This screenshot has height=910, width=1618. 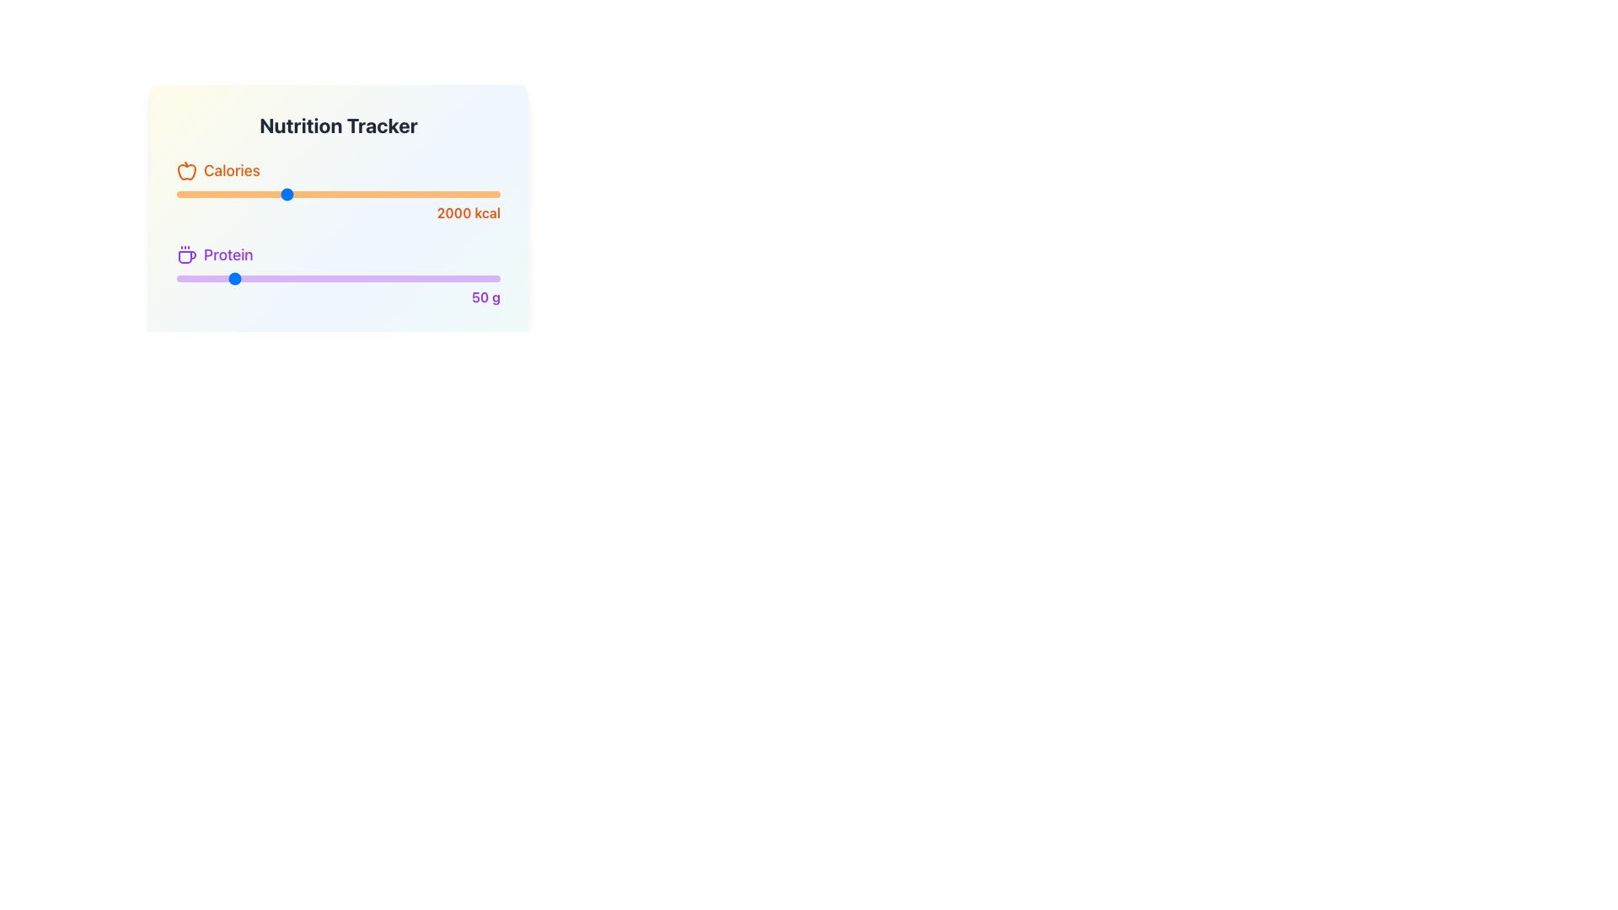 What do you see at coordinates (186, 171) in the screenshot?
I see `the orange apple icon located to the left of the 'Calories' text in the 'Nutrition Tracker' panel` at bounding box center [186, 171].